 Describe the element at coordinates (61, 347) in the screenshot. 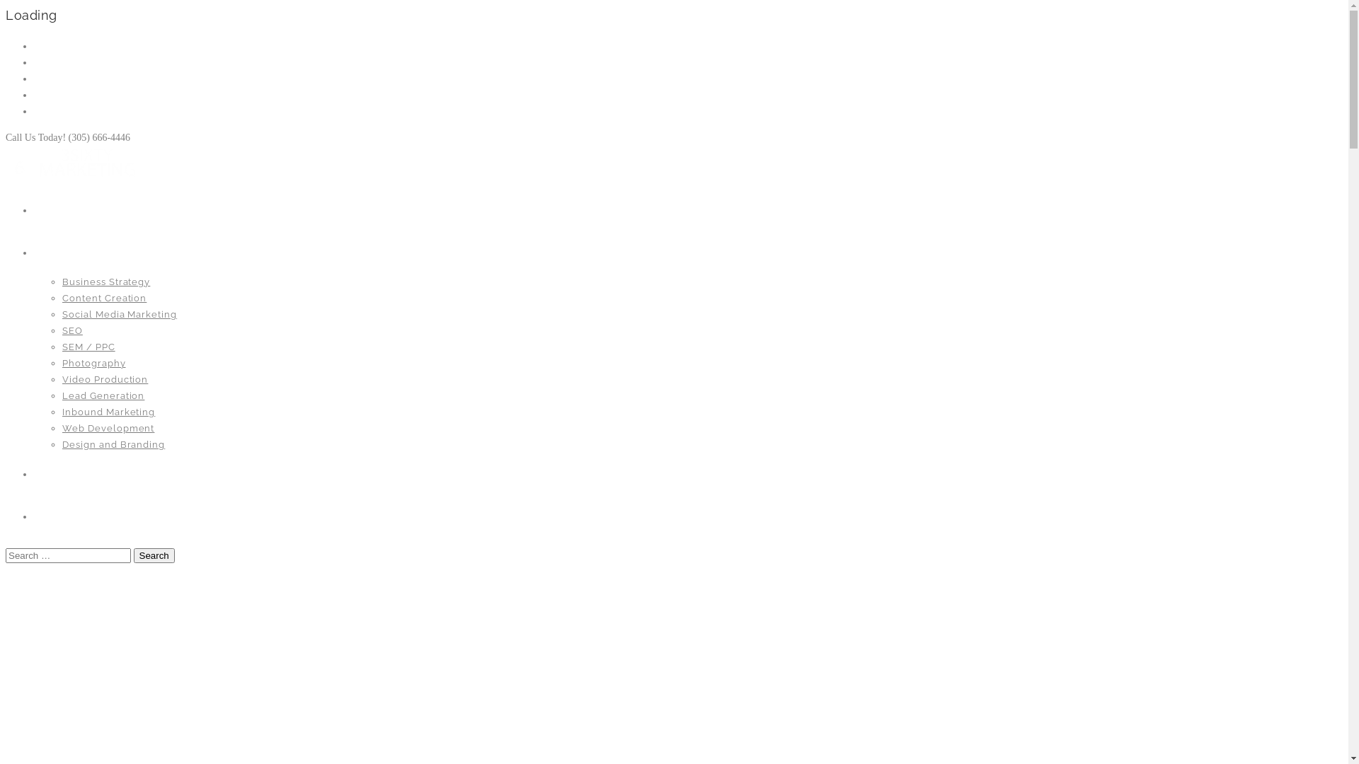

I see `'SEM / PPC'` at that location.